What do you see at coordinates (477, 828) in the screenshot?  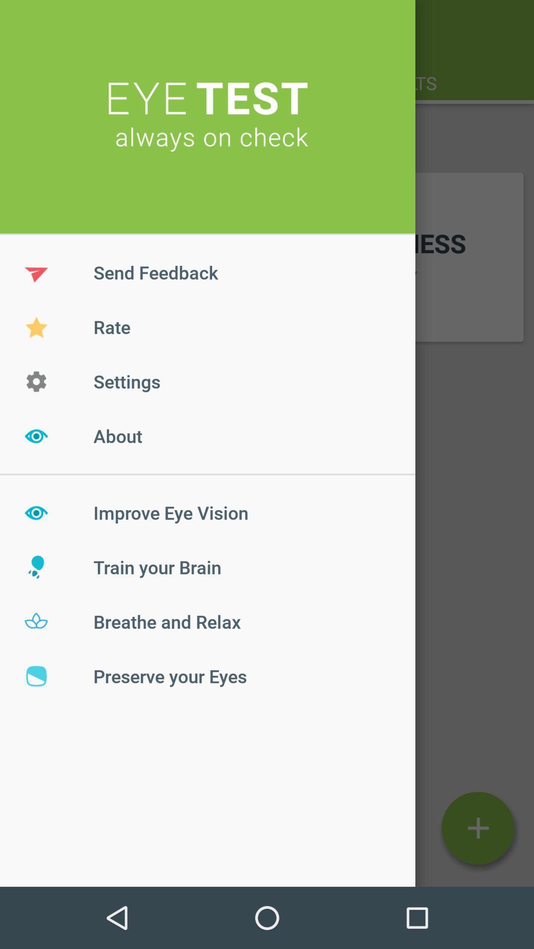 I see `the add icon` at bounding box center [477, 828].